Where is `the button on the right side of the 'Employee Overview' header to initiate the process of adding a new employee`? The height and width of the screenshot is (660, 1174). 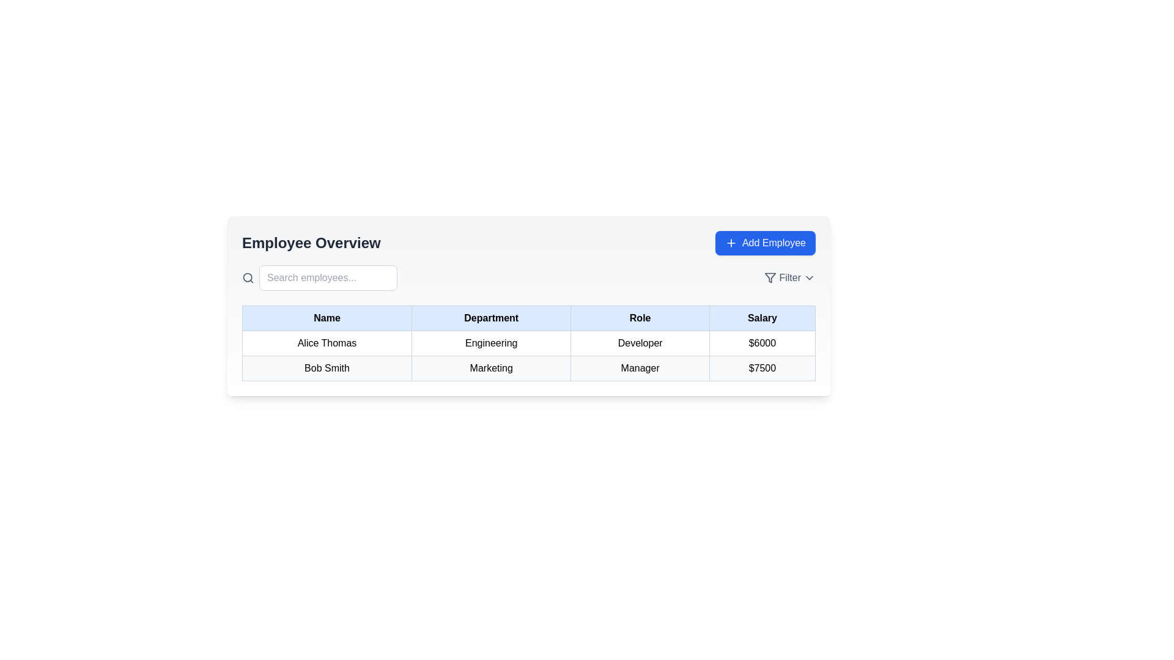
the button on the right side of the 'Employee Overview' header to initiate the process of adding a new employee is located at coordinates (765, 243).